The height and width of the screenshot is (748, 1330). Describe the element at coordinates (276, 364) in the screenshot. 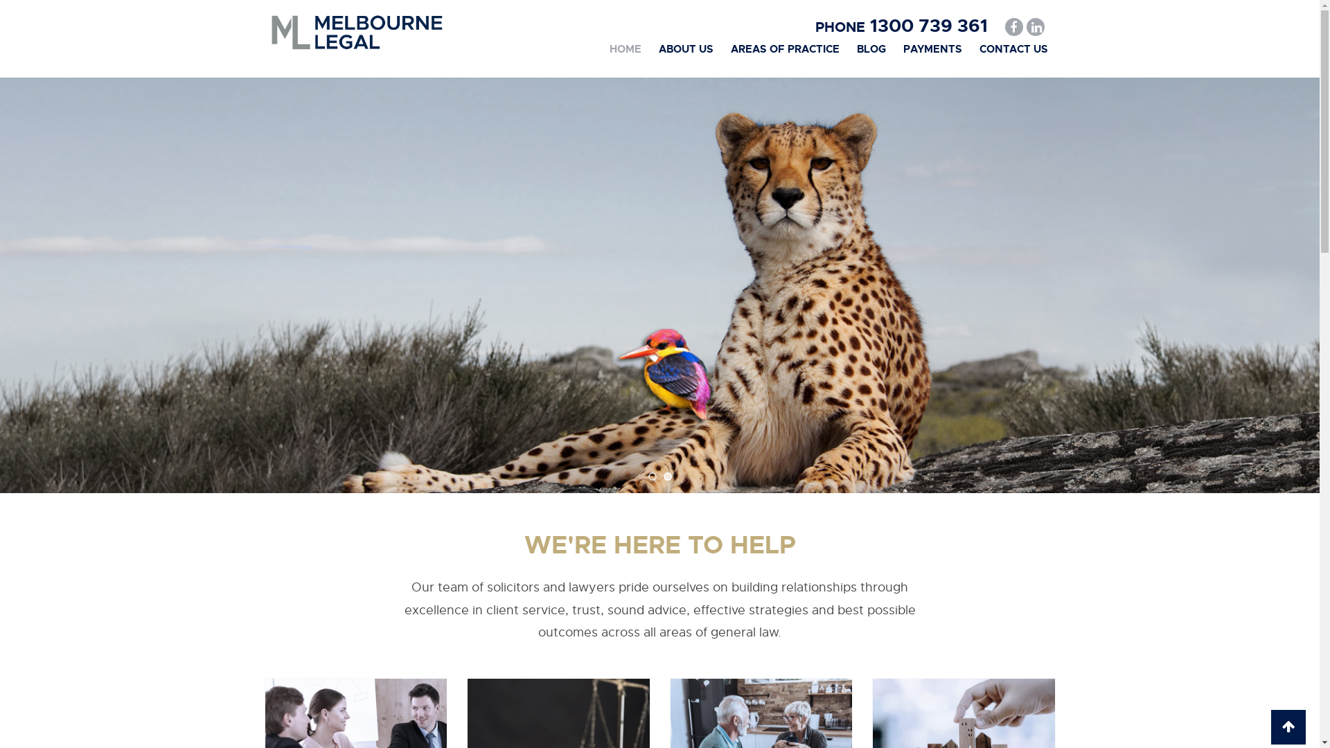

I see `'DOWNLOAD NOW'` at that location.